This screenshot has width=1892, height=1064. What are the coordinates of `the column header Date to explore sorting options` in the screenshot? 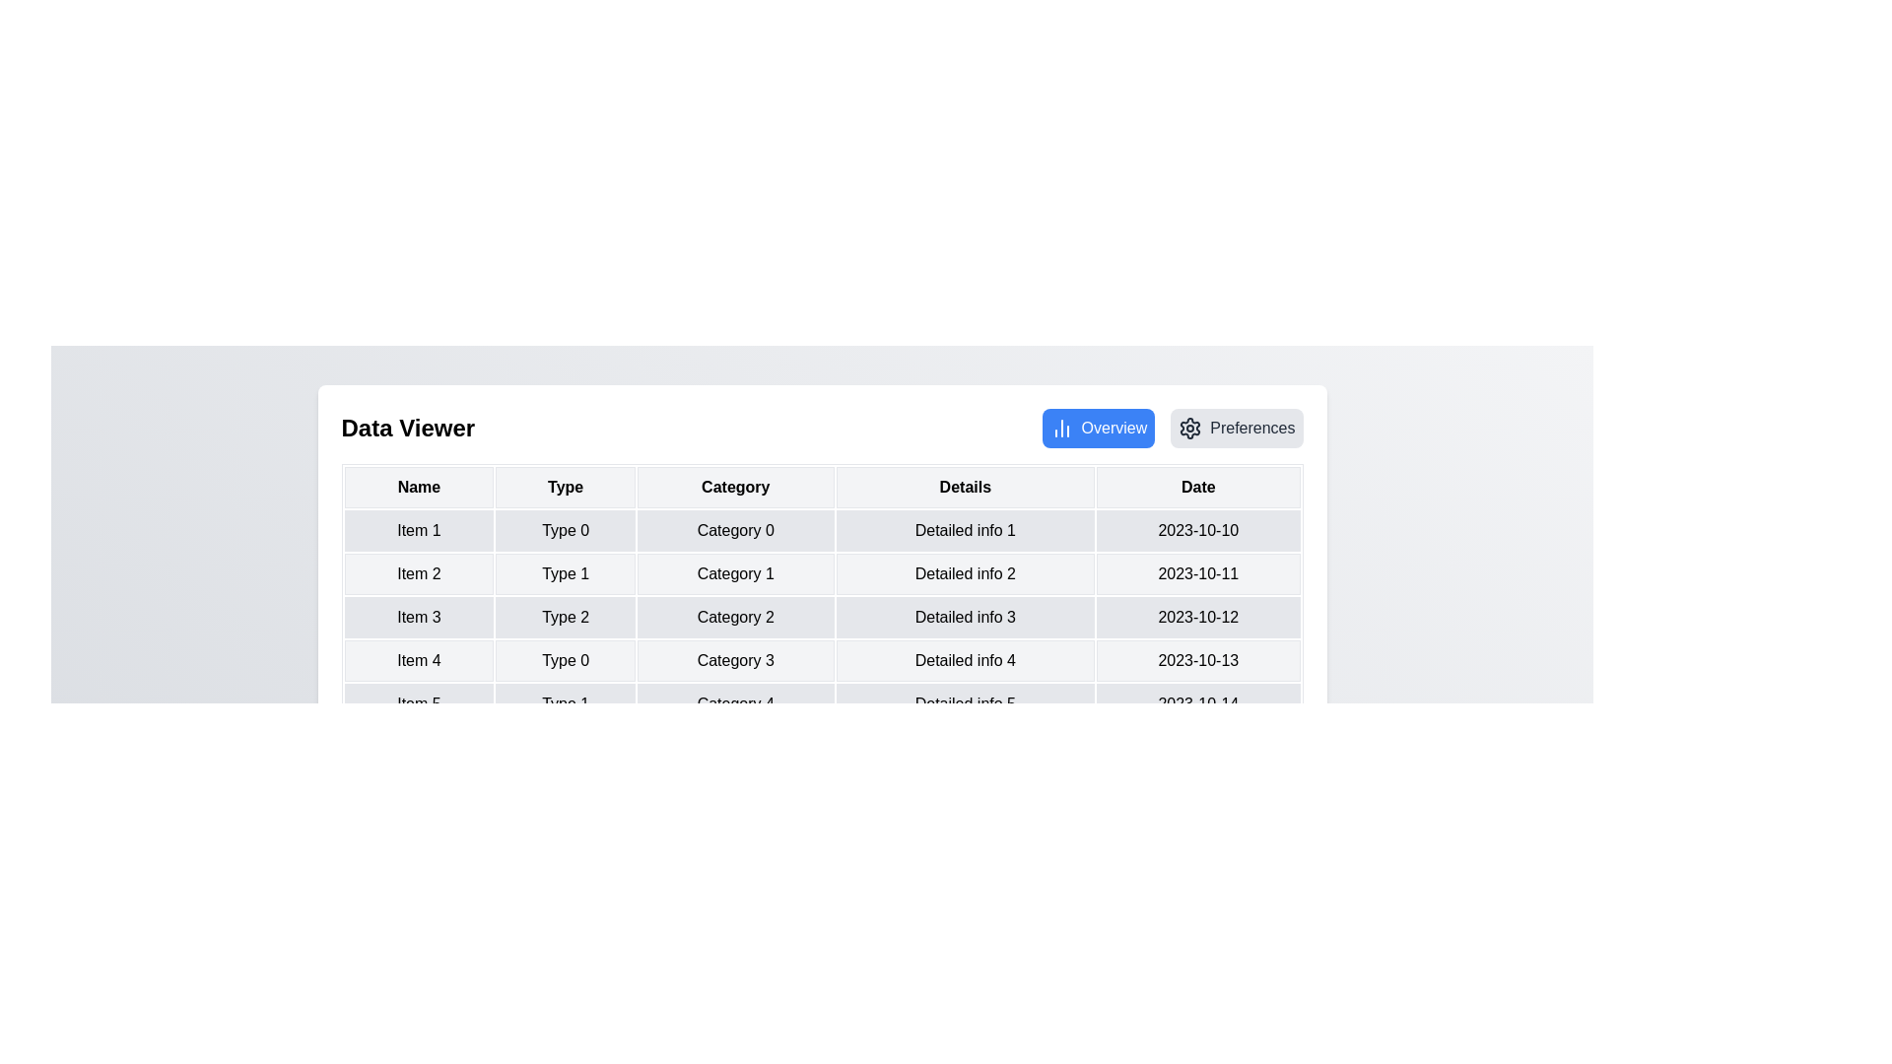 It's located at (1197, 487).